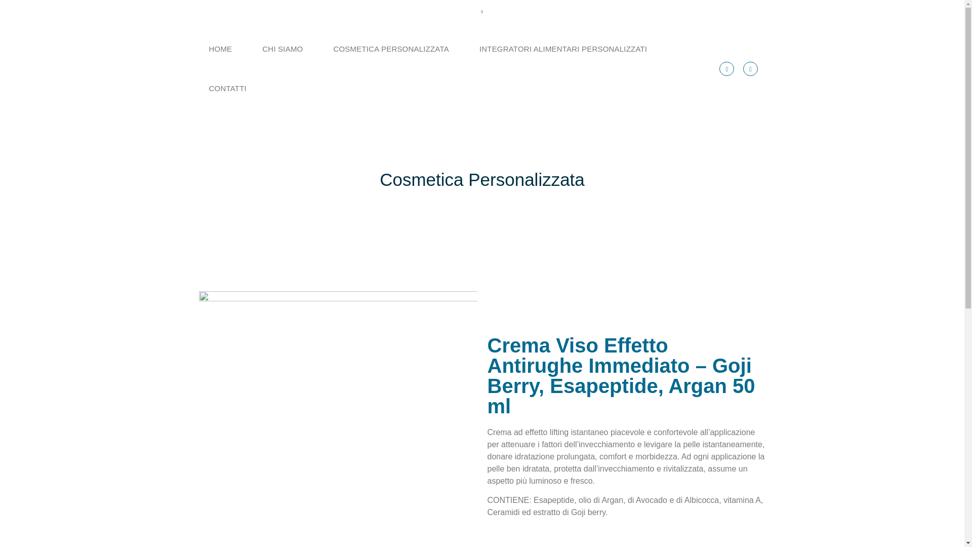 Image resolution: width=972 pixels, height=547 pixels. Describe the element at coordinates (390, 49) in the screenshot. I see `'COSMETICA PERSONALIZZATA'` at that location.